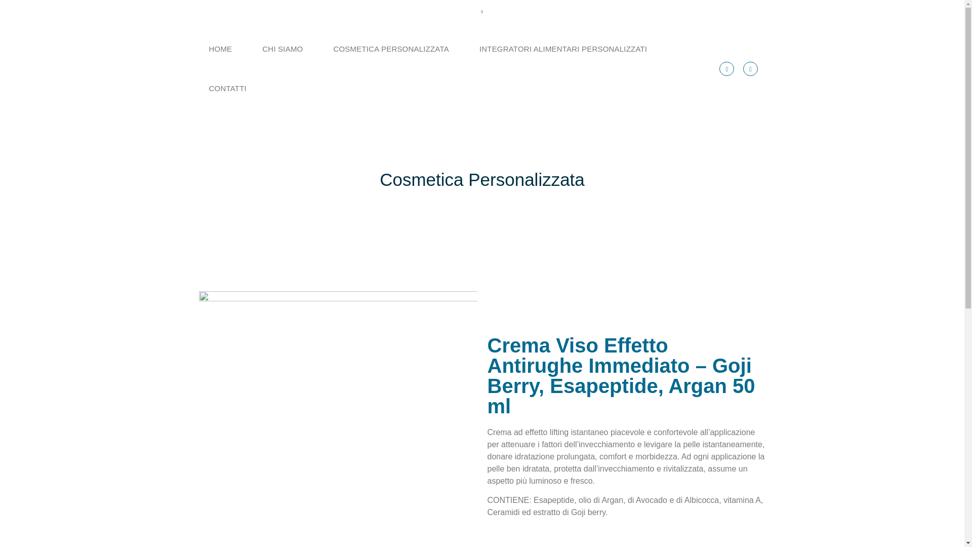 Image resolution: width=972 pixels, height=547 pixels. Describe the element at coordinates (390, 49) in the screenshot. I see `'COSMETICA PERSONALIZZATA'` at that location.